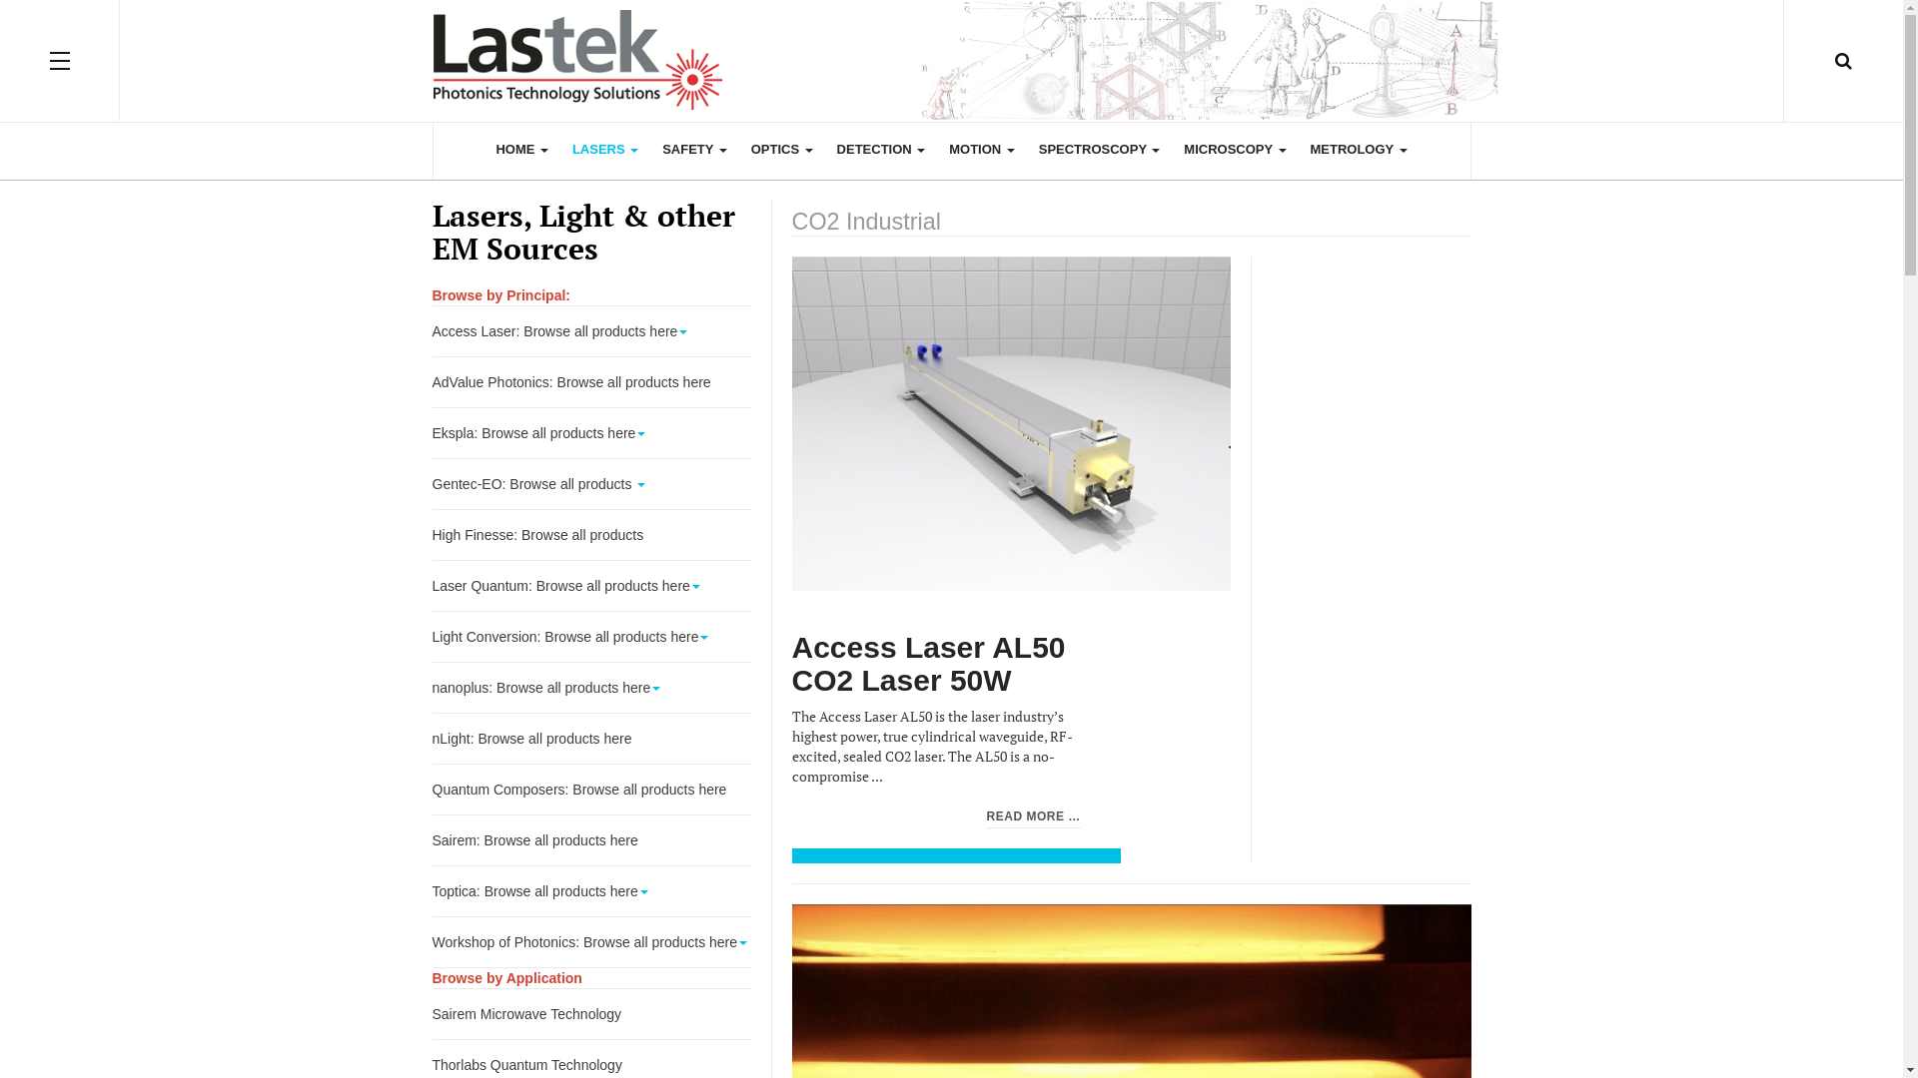  Describe the element at coordinates (1234, 149) in the screenshot. I see `'MICROSCOPY'` at that location.